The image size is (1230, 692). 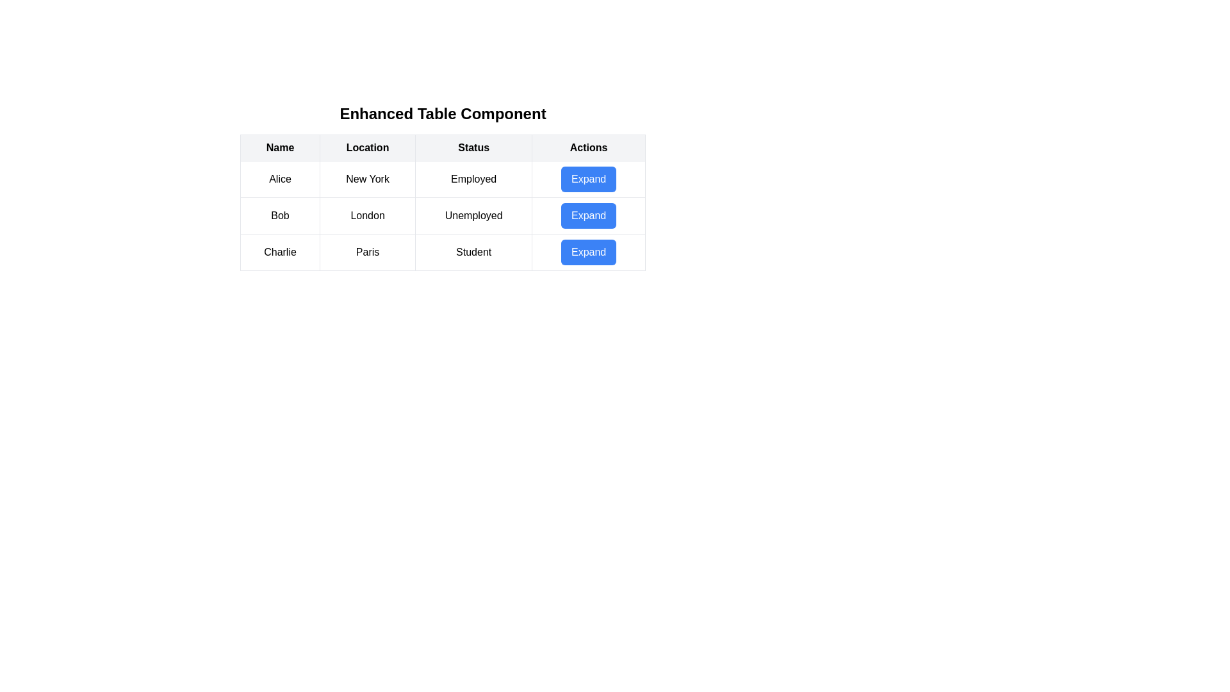 What do you see at coordinates (279, 215) in the screenshot?
I see `the Static Text Display containing the text 'Bob', which is located in the first cell of the second row under the 'Name' column of a table layout` at bounding box center [279, 215].